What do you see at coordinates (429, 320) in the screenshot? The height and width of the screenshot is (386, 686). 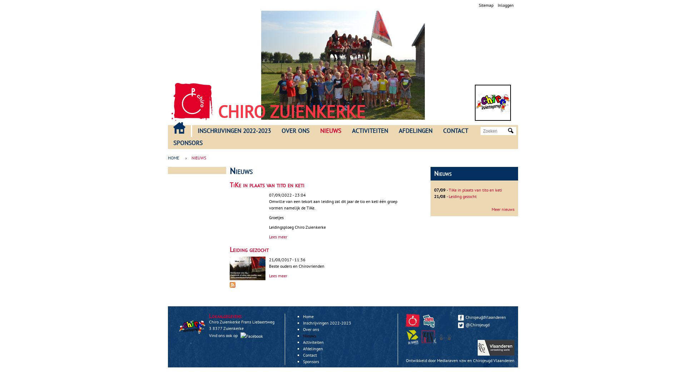 I see `'Chirohuizen'` at bounding box center [429, 320].